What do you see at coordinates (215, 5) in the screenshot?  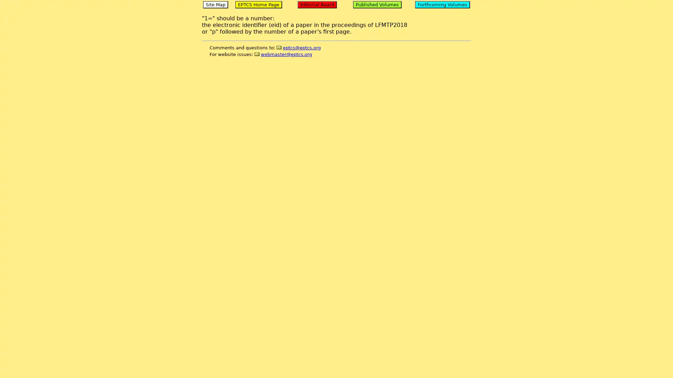 I see `Site Map` at bounding box center [215, 5].